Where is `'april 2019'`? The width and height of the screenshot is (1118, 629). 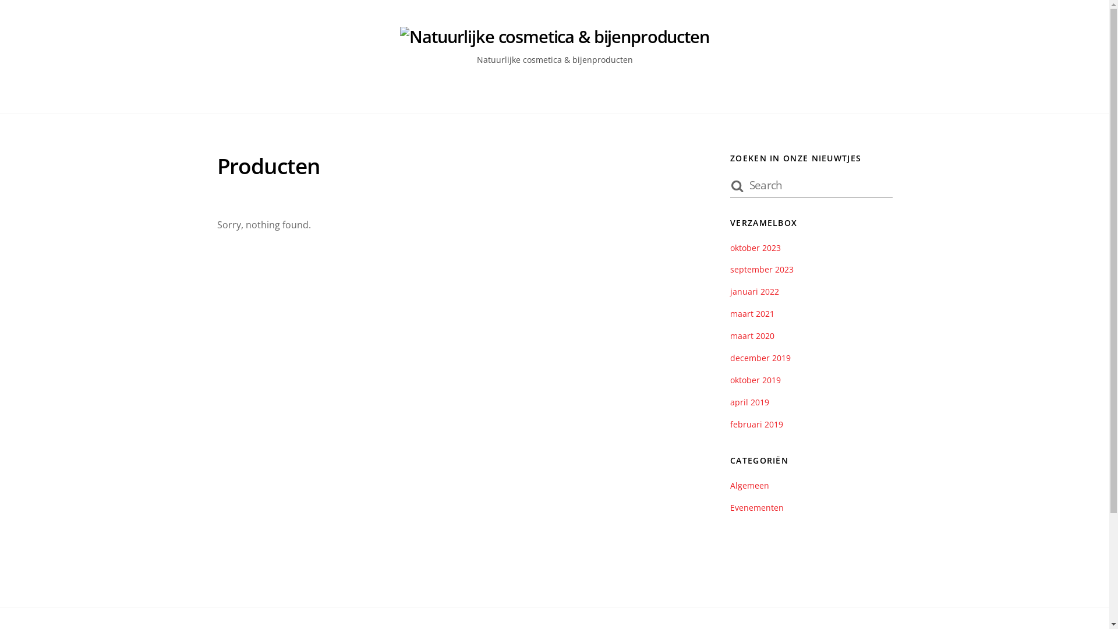 'april 2019' is located at coordinates (749, 401).